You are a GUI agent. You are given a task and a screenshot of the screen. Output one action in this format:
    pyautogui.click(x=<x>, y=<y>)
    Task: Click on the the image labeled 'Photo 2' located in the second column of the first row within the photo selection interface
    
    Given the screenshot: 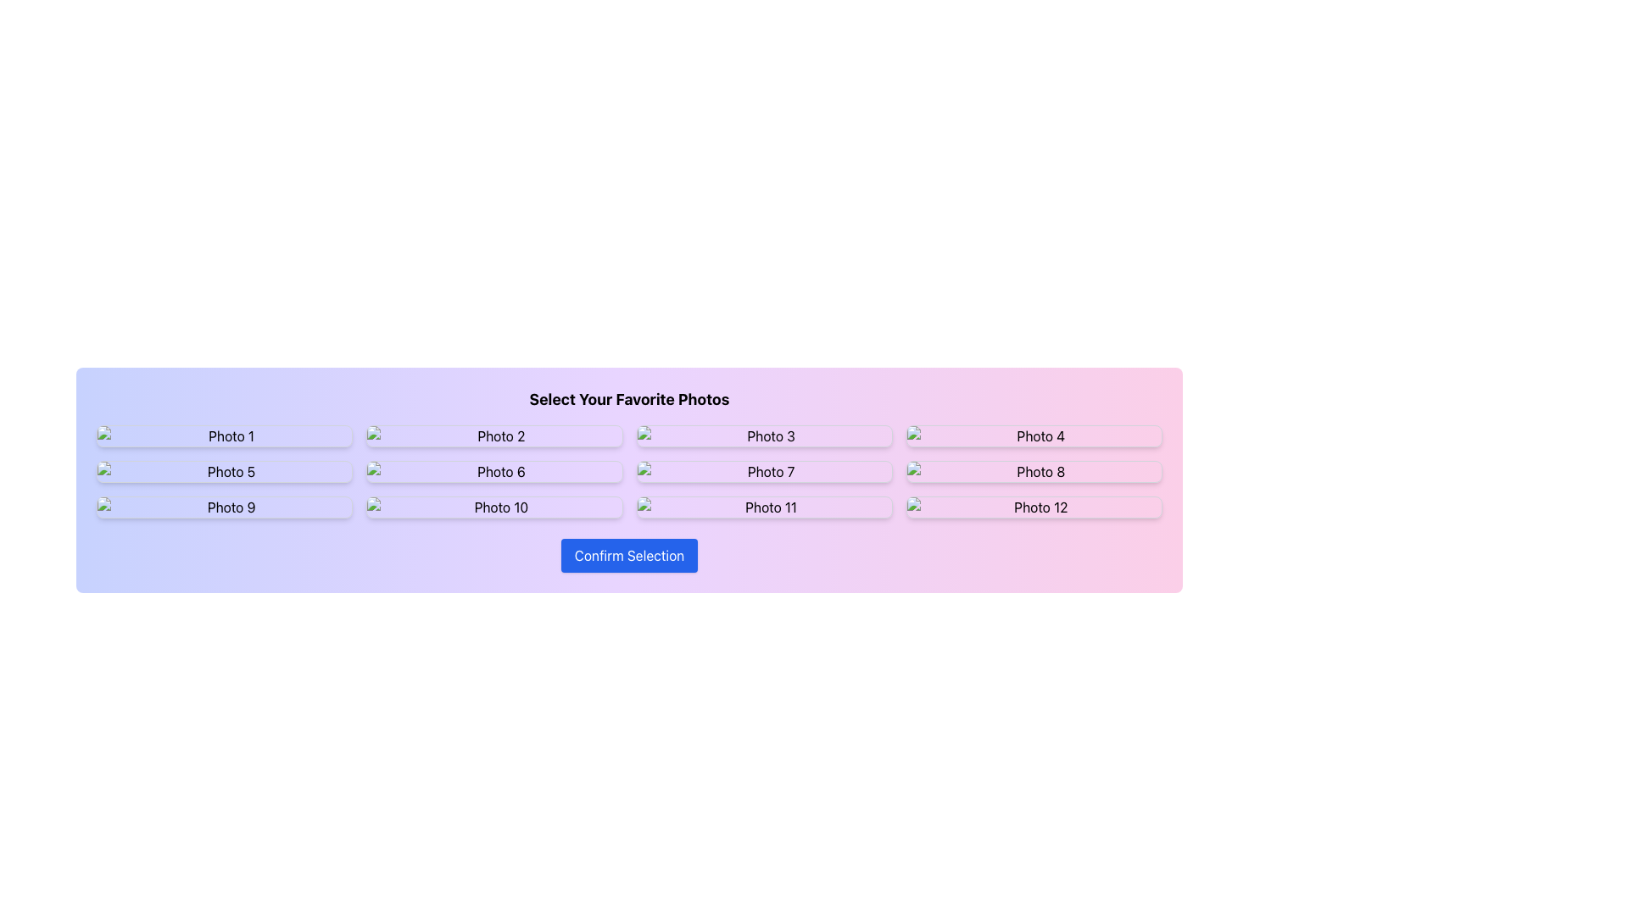 What is the action you would take?
    pyautogui.click(x=493, y=435)
    